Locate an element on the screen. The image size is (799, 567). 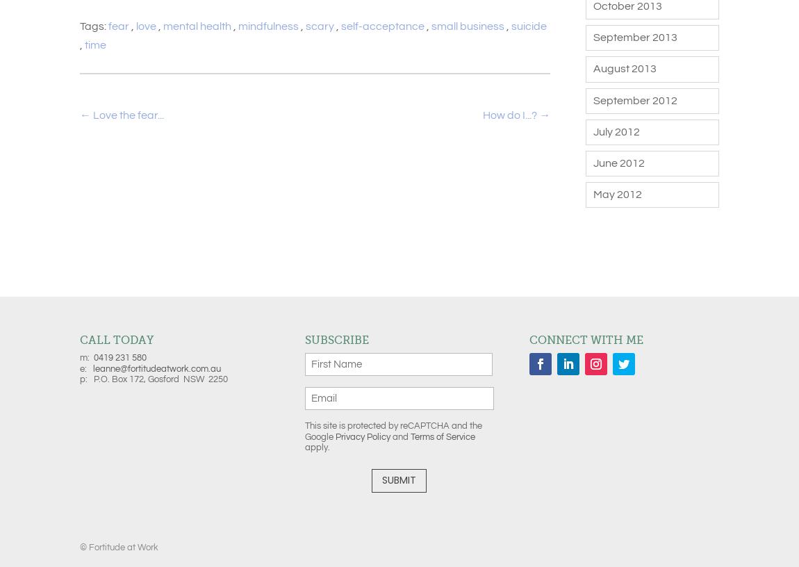
'Tags:' is located at coordinates (93, 26).